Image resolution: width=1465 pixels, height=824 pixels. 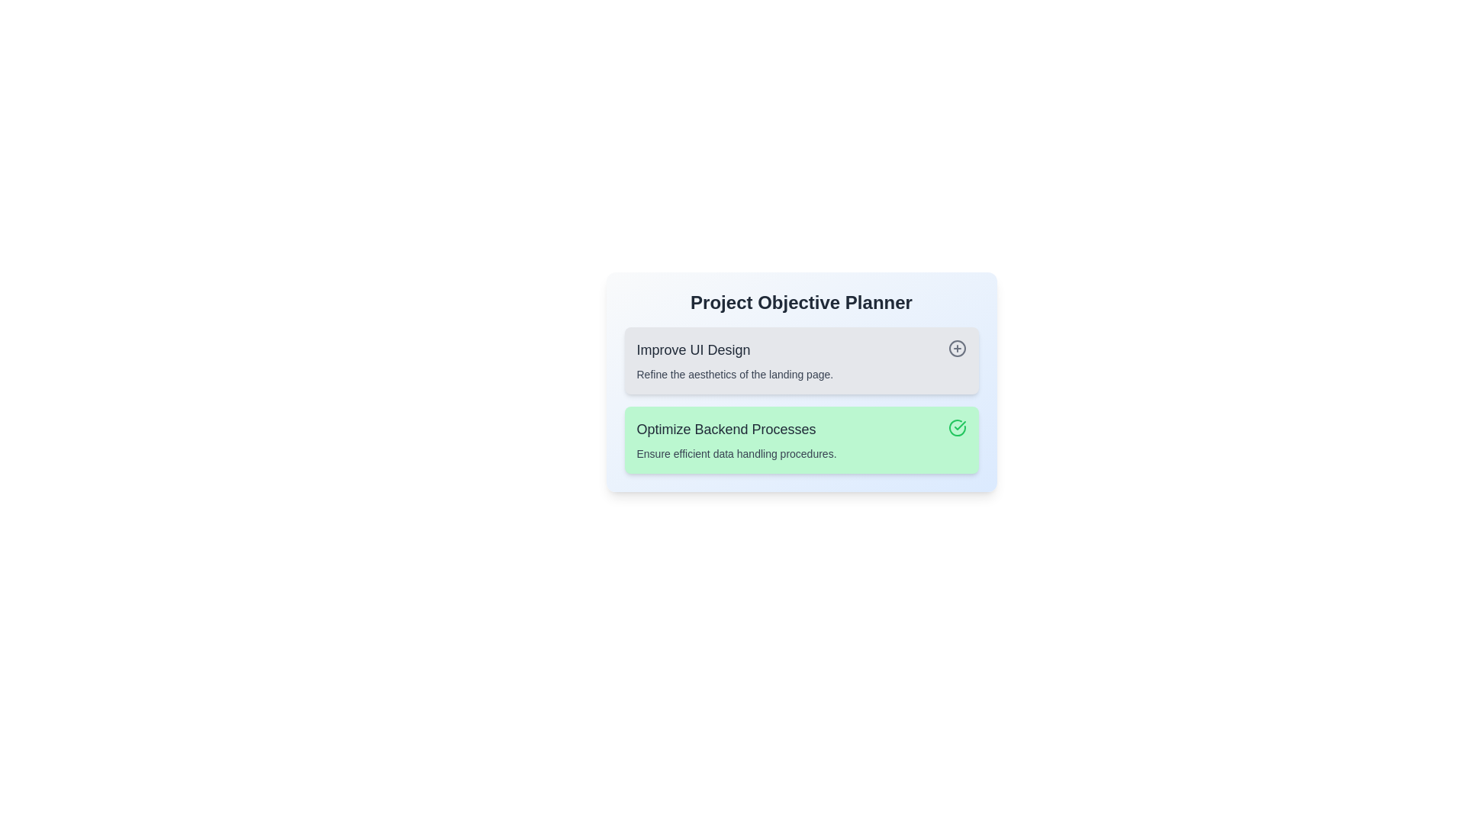 What do you see at coordinates (800, 430) in the screenshot?
I see `the objective item to toggle its completion status. The parameter Optimize Backend Processes specifies the name of the objective to interact with` at bounding box center [800, 430].